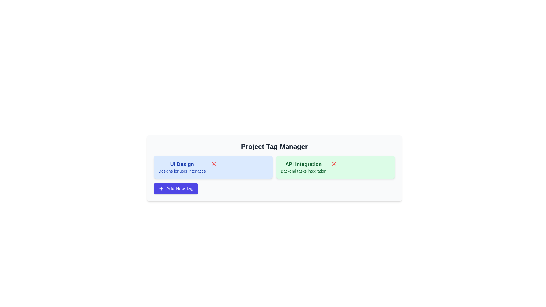 The image size is (546, 307). What do you see at coordinates (334, 163) in the screenshot?
I see `the close button icon located centrally within the green card` at bounding box center [334, 163].